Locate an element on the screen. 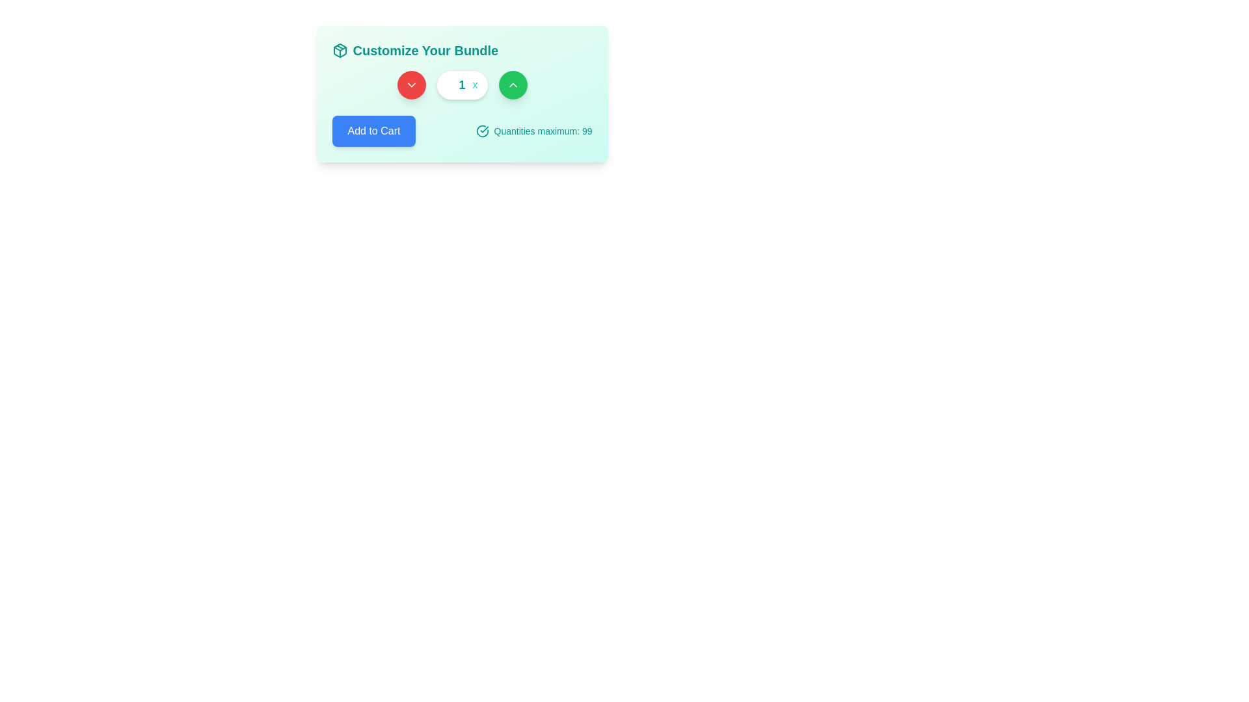 This screenshot has height=702, width=1249. the upward-pointing chevron icon located within the green circular button on the right side of a three-button group is located at coordinates (512, 85).